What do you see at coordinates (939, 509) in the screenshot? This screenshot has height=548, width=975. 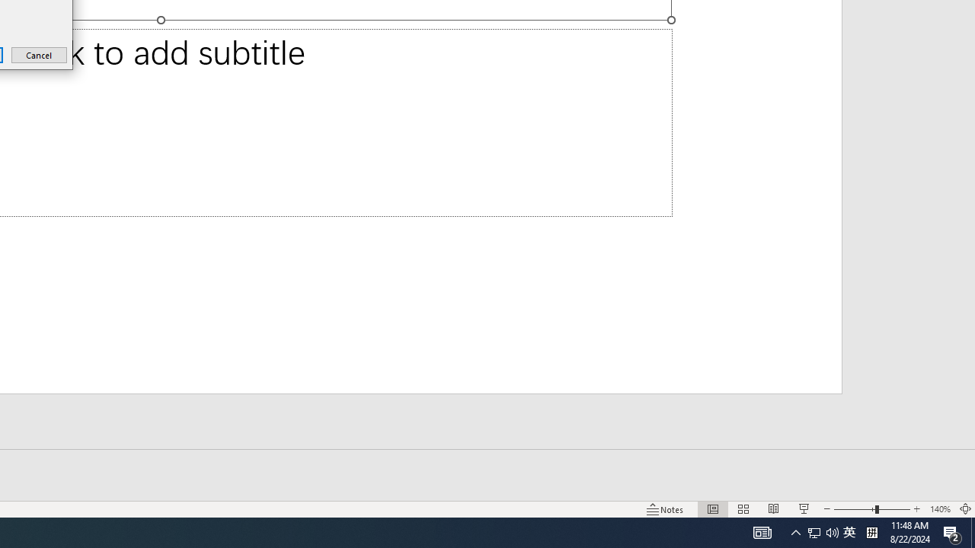 I see `'Zoom 140%'` at bounding box center [939, 509].